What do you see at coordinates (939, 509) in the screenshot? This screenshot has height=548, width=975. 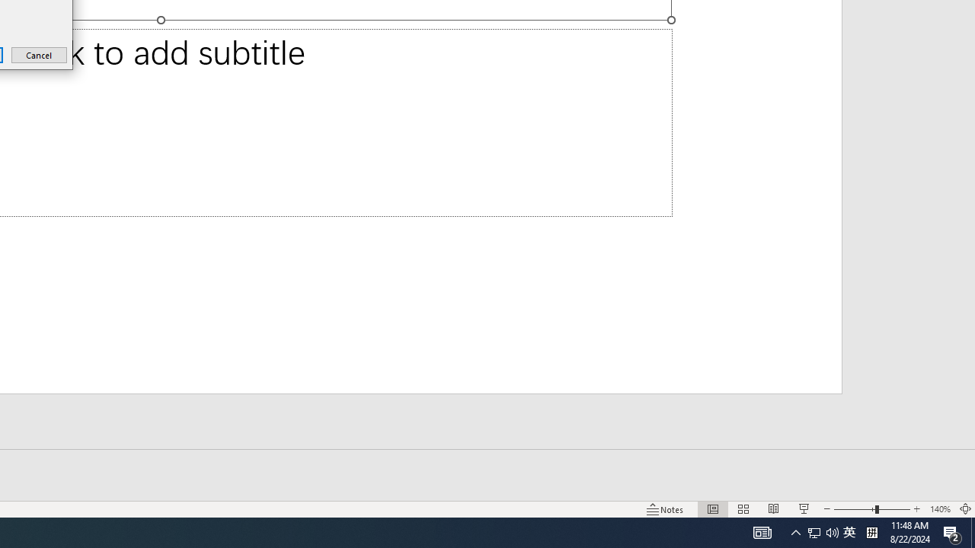 I see `'Zoom 140%'` at bounding box center [939, 509].